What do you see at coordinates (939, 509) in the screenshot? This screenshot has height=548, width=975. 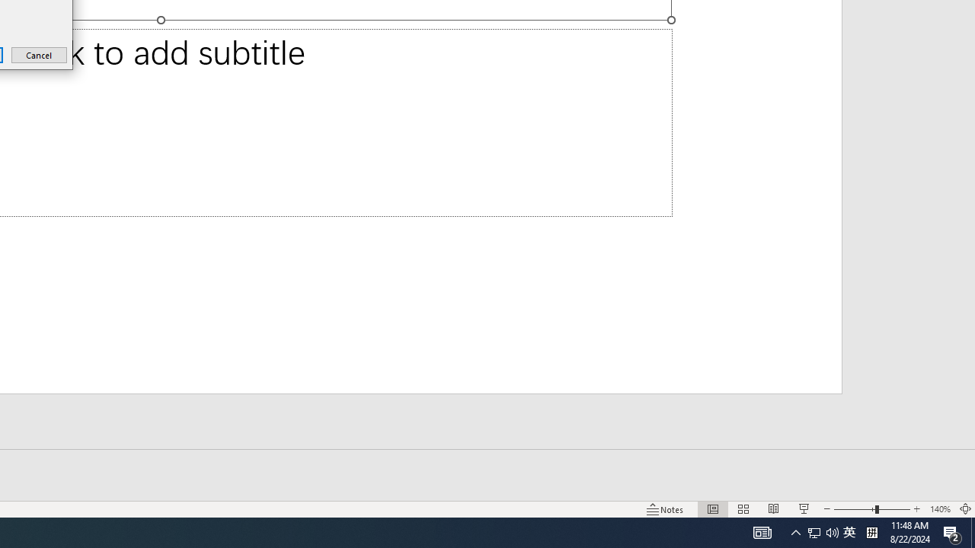 I see `'Zoom 140%'` at bounding box center [939, 509].